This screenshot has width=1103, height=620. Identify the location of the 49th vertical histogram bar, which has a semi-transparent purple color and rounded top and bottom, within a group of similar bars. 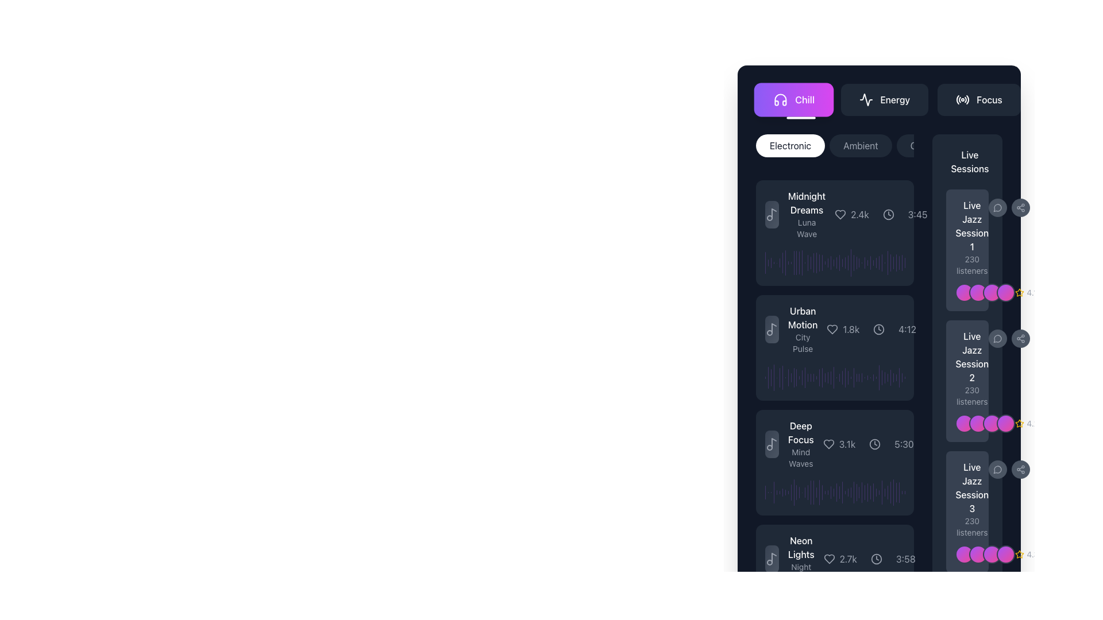
(904, 263).